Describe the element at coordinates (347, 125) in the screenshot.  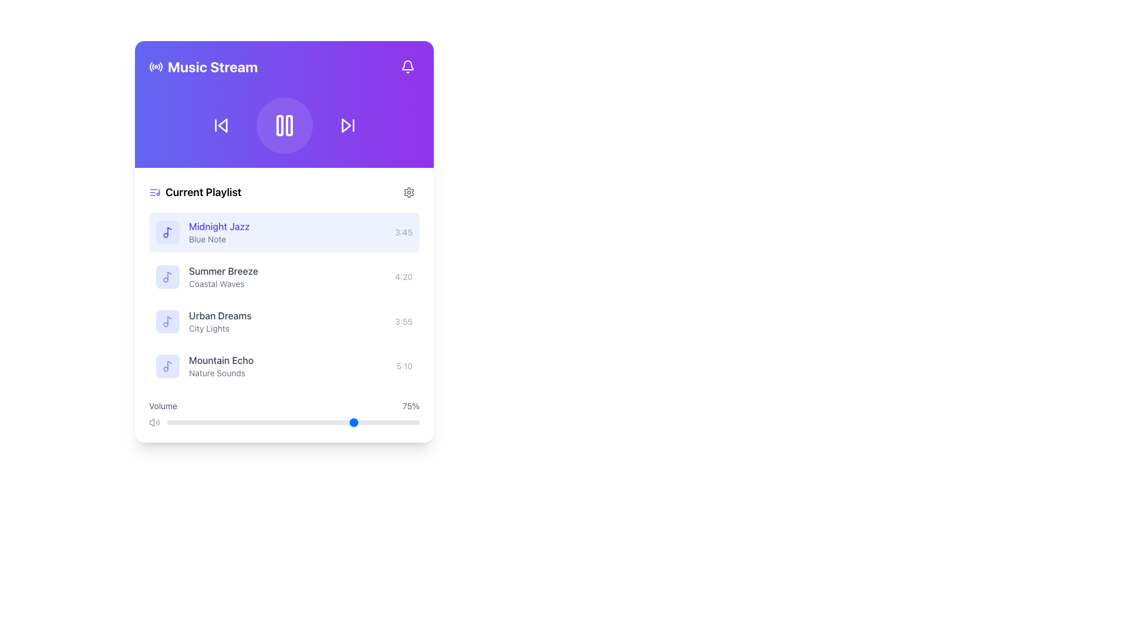
I see `the 'skip forward' button, which is the rightmost circular button in the horizontal group located in the purple header section` at that location.